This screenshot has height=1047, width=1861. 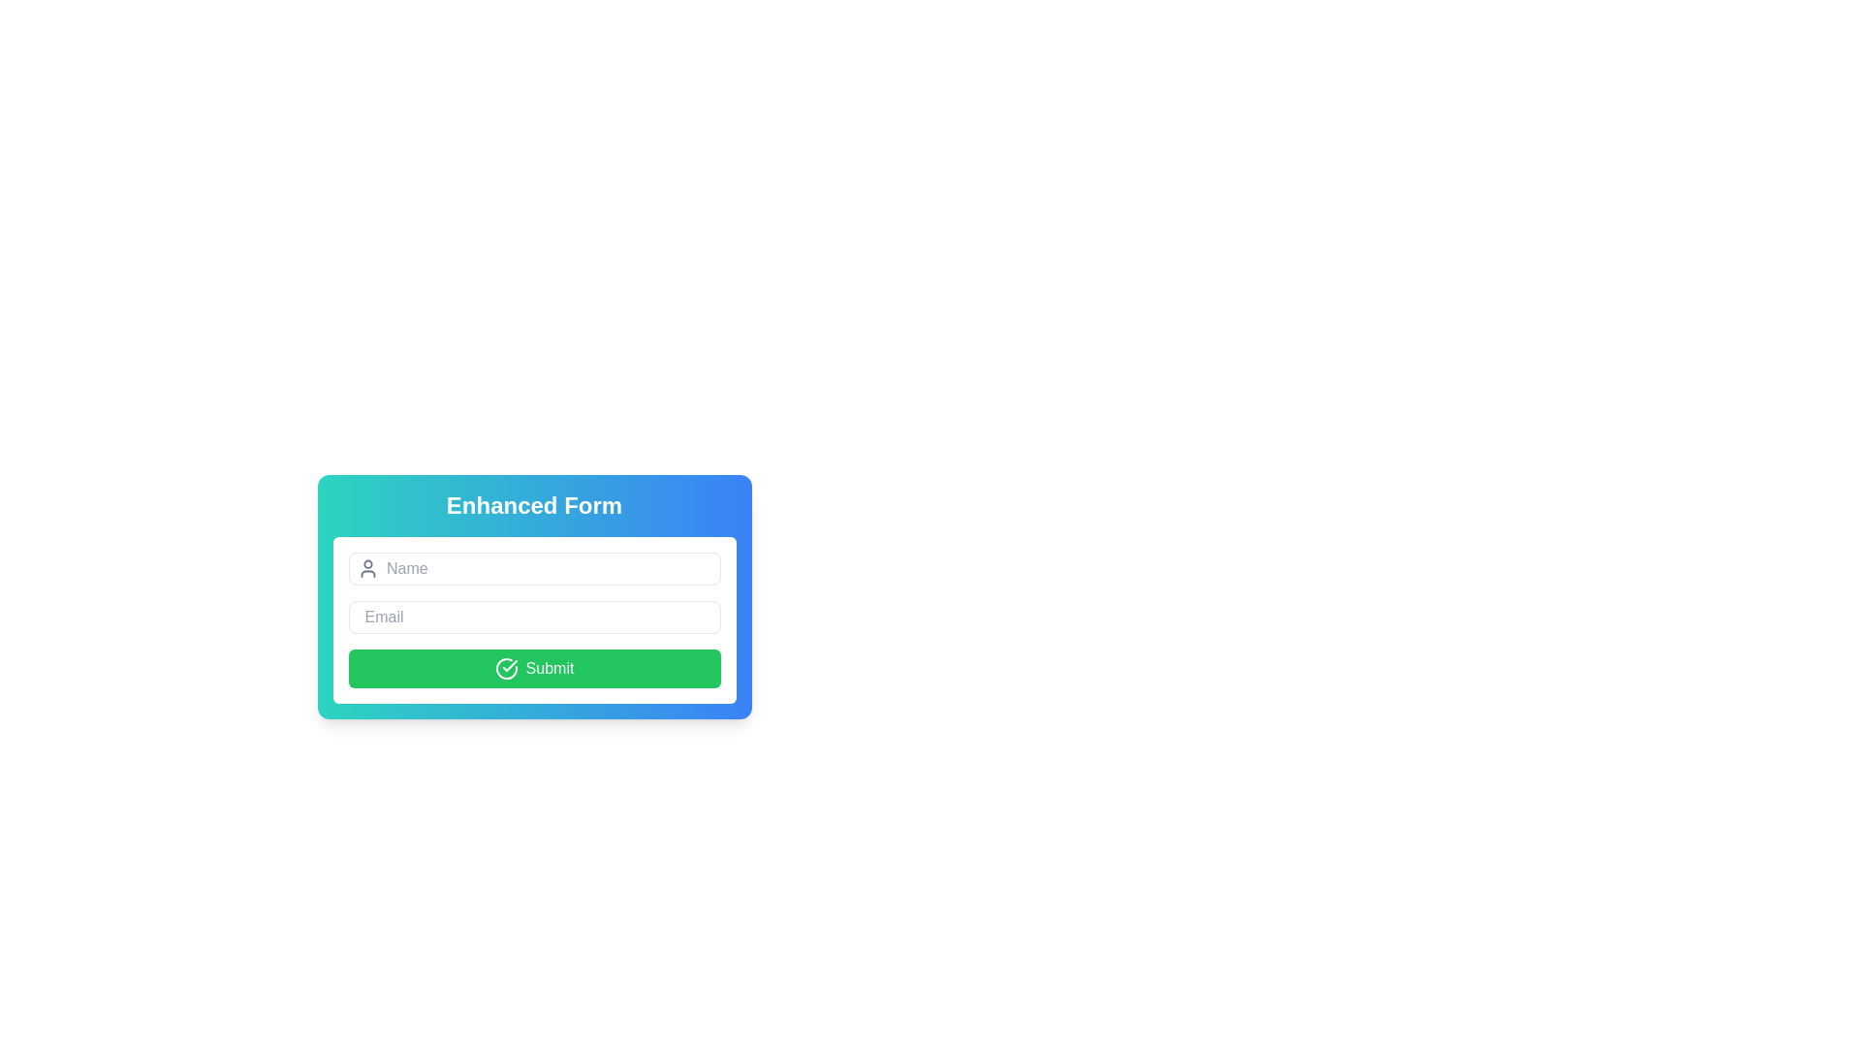 What do you see at coordinates (506, 668) in the screenshot?
I see `the decorative icon for the 'Submit' button` at bounding box center [506, 668].